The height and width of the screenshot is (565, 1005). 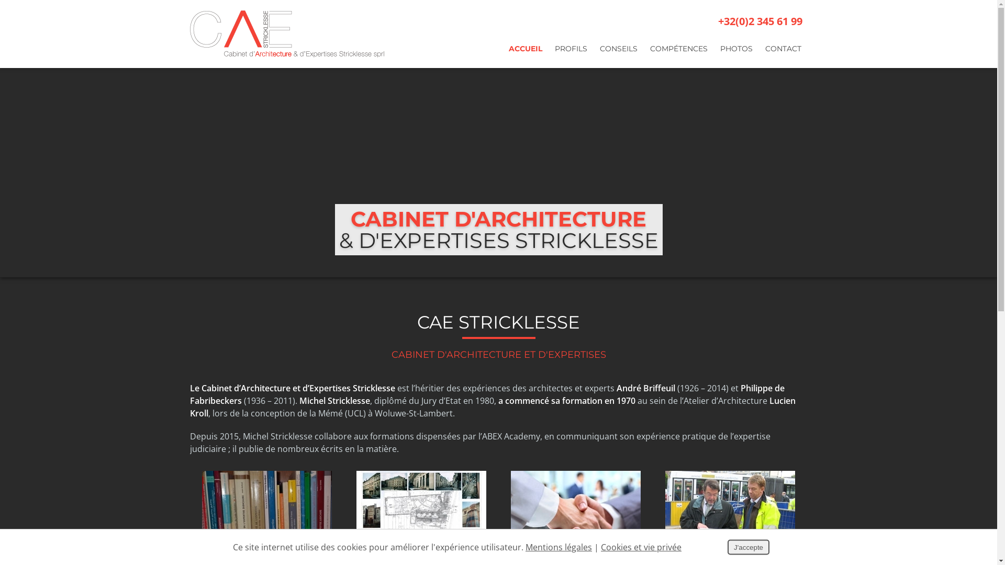 What do you see at coordinates (618, 51) in the screenshot?
I see `'CONSEILS'` at bounding box center [618, 51].